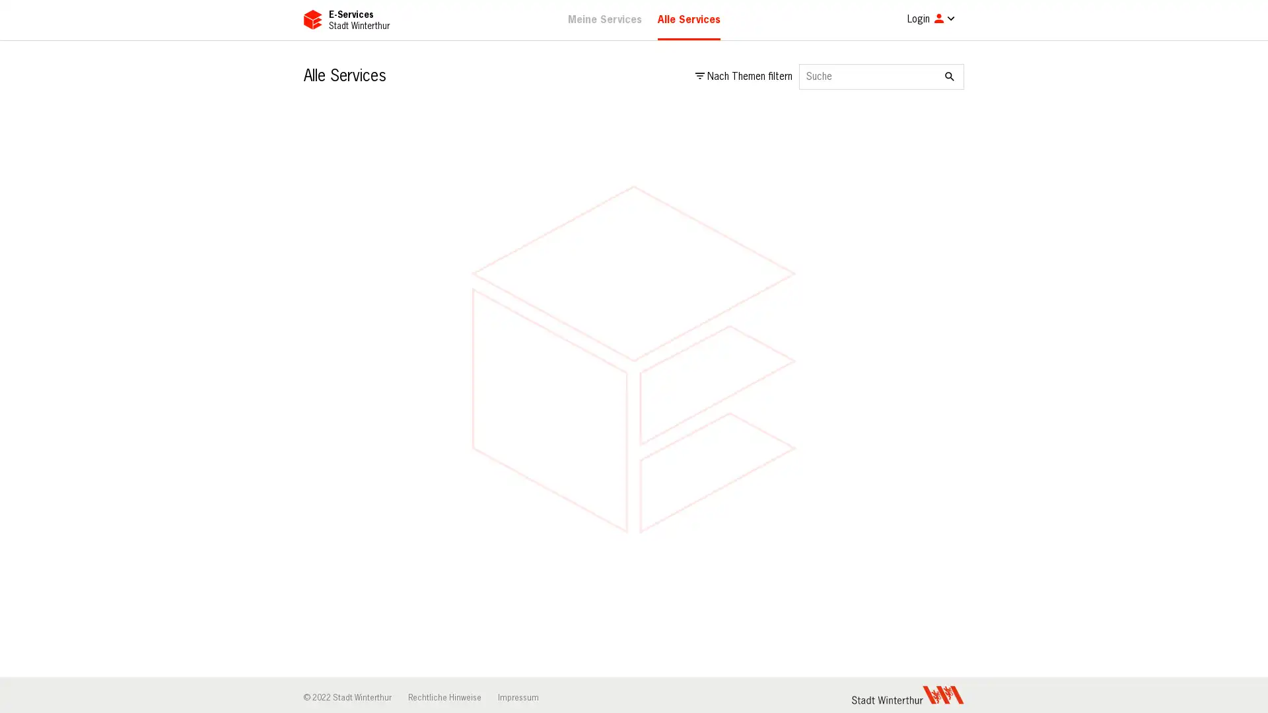  What do you see at coordinates (495, 413) in the screenshot?
I see `Service Aquafitness zu Meine Services hinzufugen` at bounding box center [495, 413].